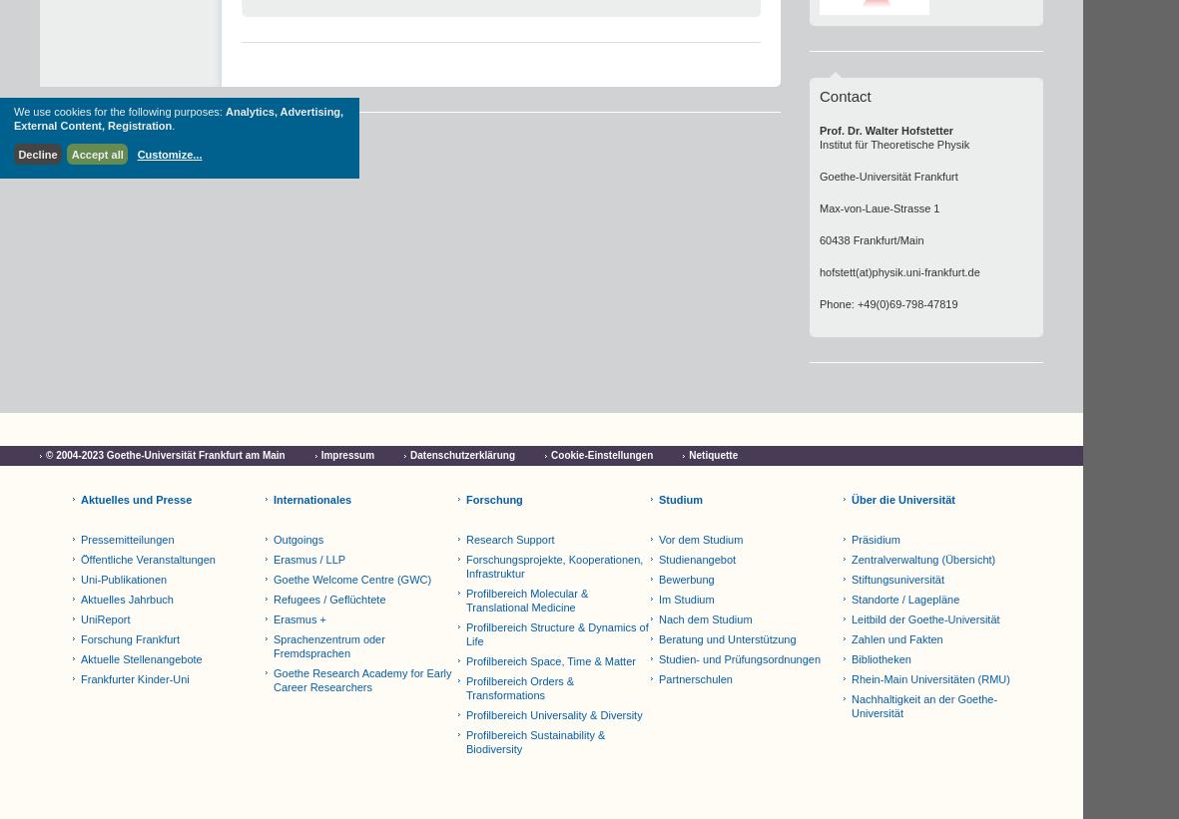  Describe the element at coordinates (896, 579) in the screenshot. I see `'Stiftungsuniversität'` at that location.